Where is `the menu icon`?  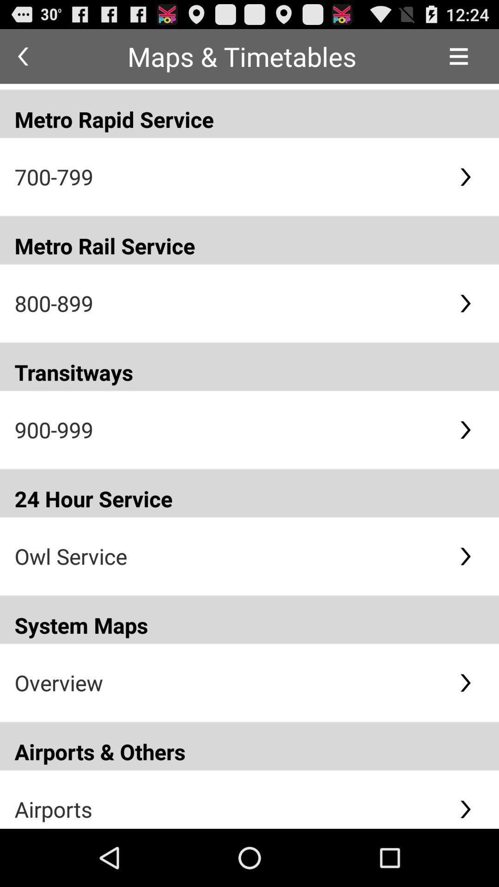
the menu icon is located at coordinates (458, 60).